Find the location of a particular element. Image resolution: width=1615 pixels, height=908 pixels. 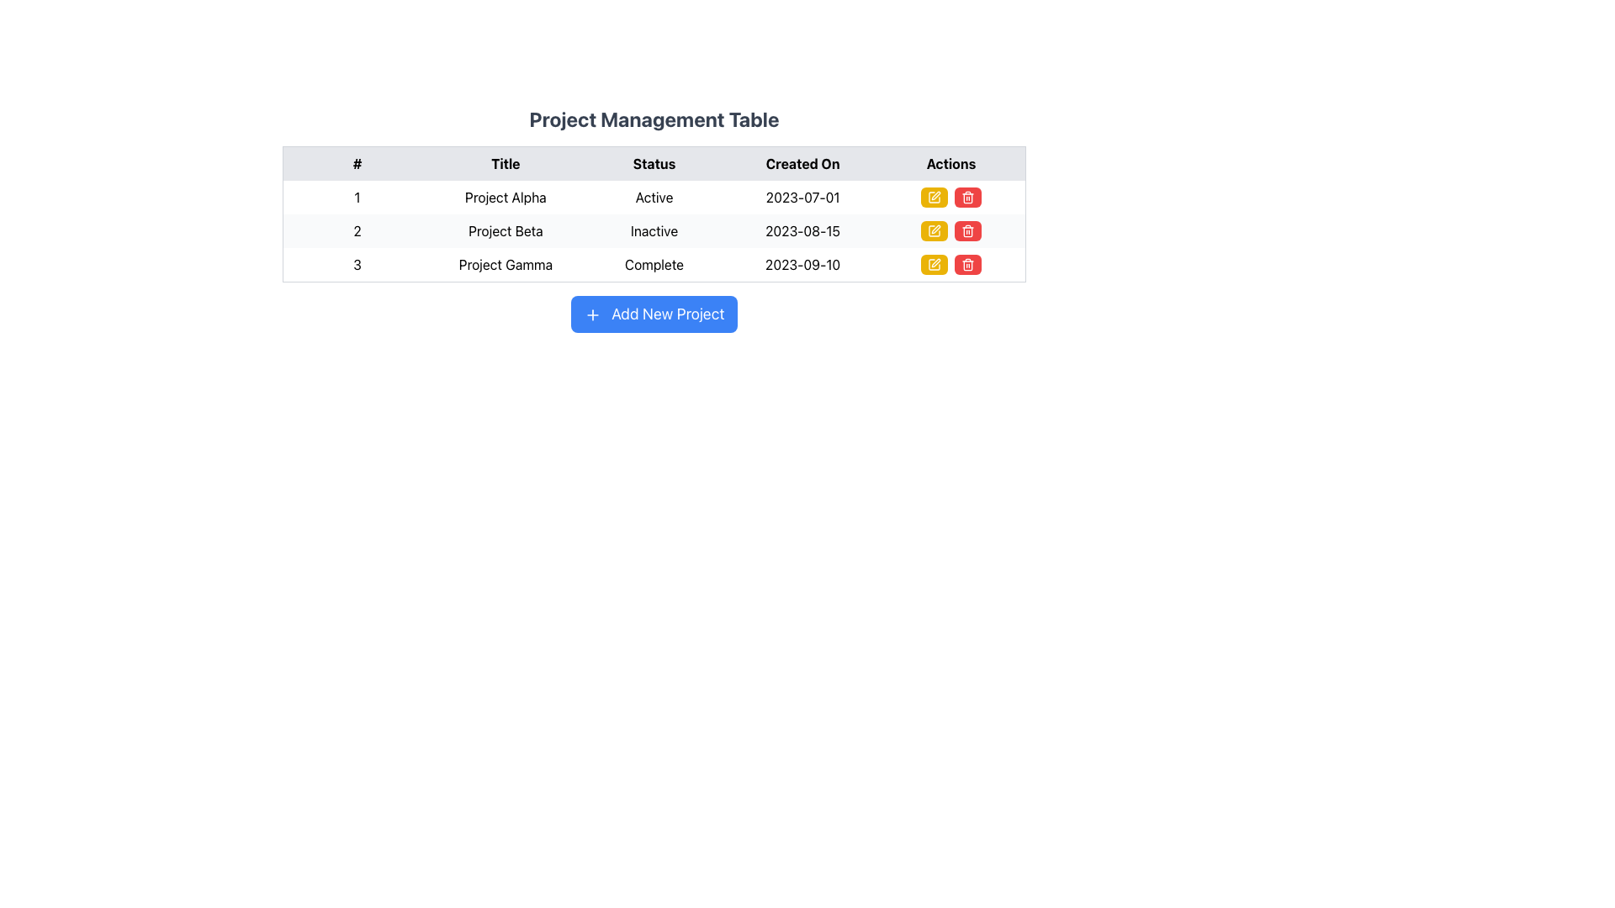

the Text Label that displays 'Project Gamma' in the second column of the third row of the 'Project Management Table' is located at coordinates (505, 265).